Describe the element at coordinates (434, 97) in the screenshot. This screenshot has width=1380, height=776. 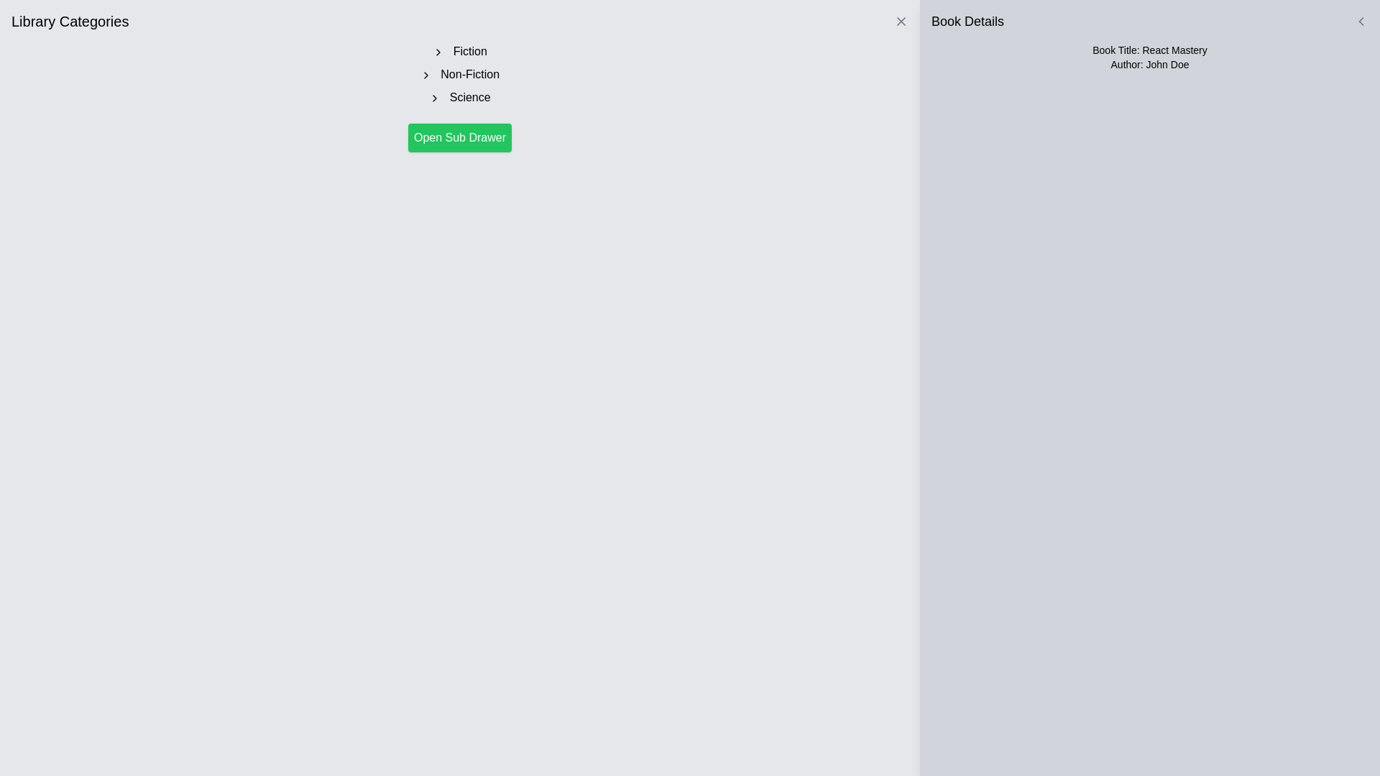
I see `the right-pointing chevron icon located to the left of the text 'Science'` at that location.